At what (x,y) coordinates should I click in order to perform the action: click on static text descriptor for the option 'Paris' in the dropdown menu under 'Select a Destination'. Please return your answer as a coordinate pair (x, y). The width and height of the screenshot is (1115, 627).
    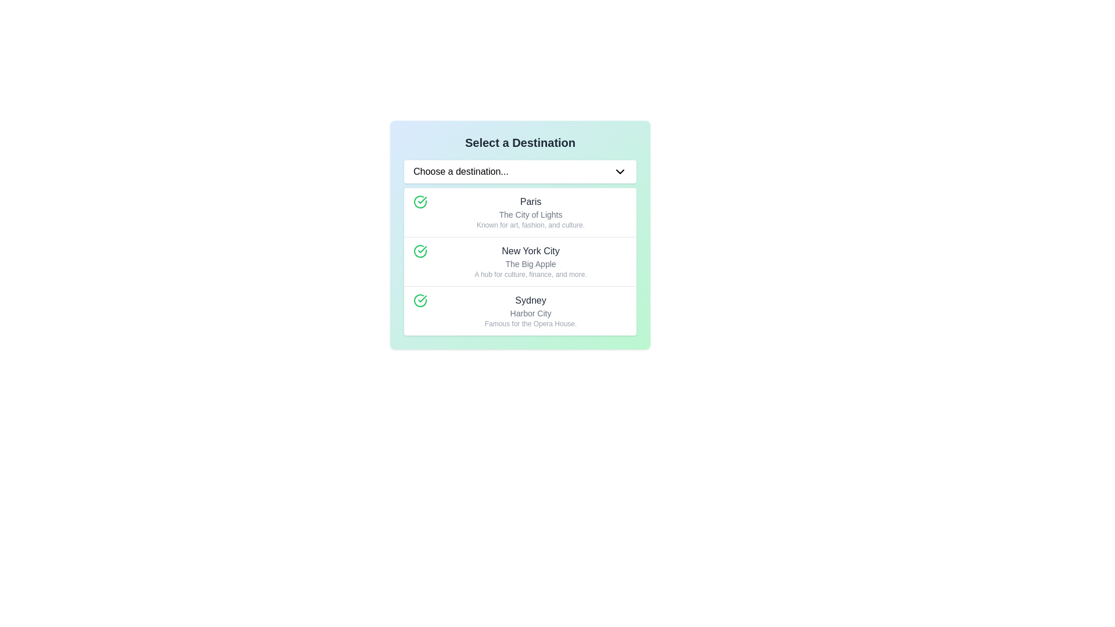
    Looking at the image, I should click on (530, 212).